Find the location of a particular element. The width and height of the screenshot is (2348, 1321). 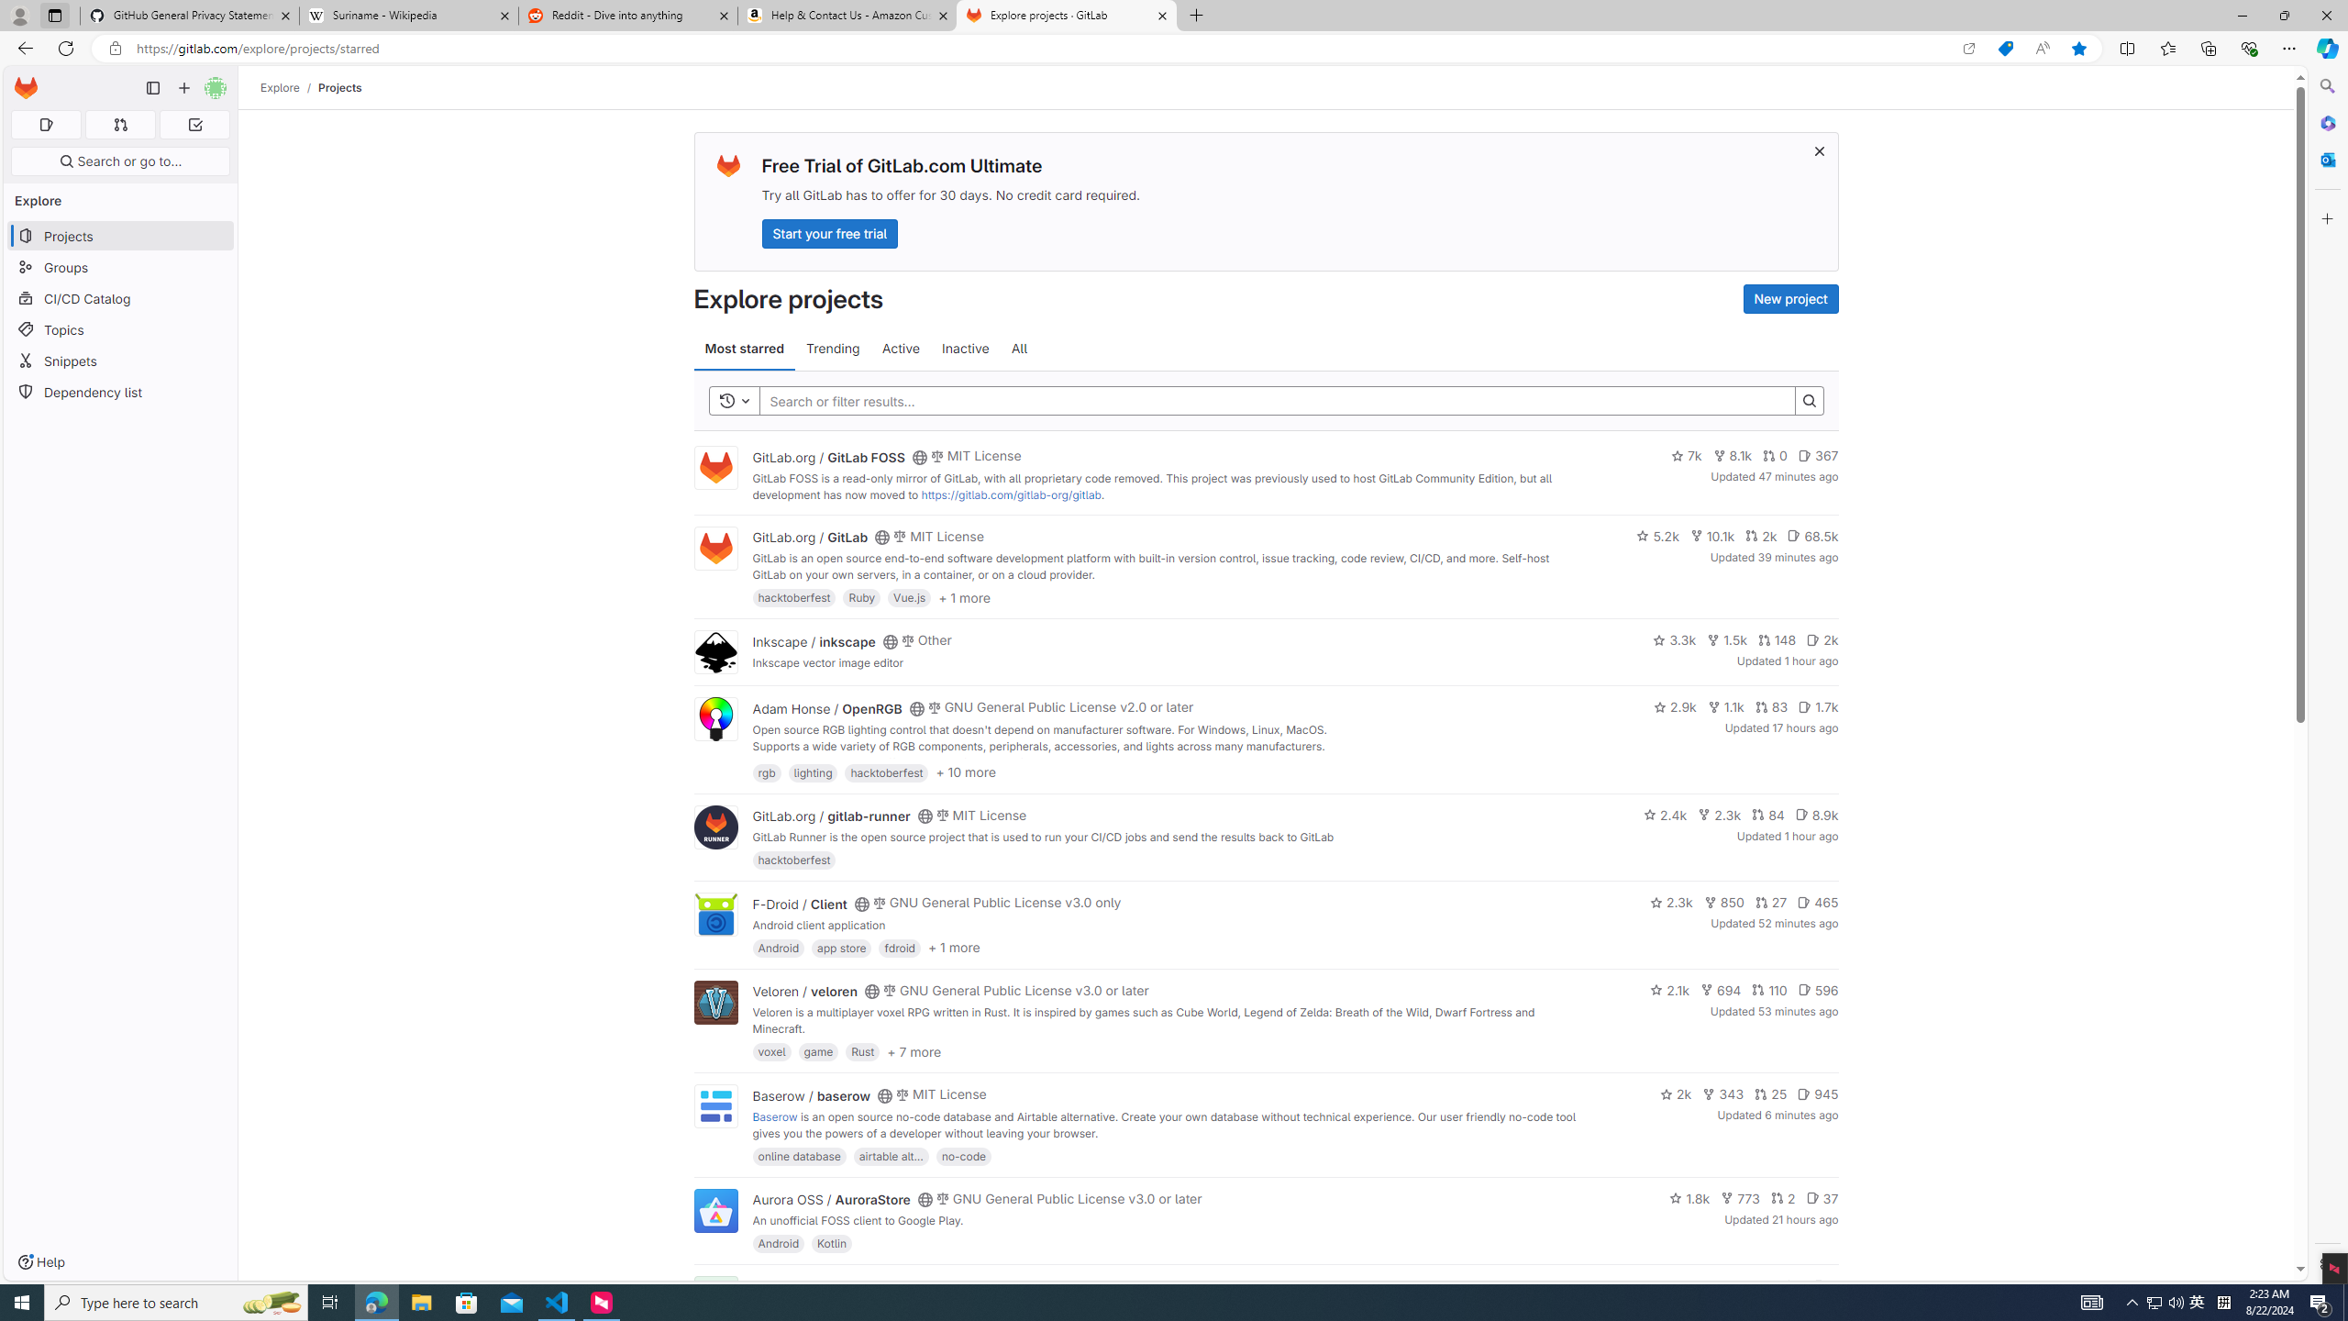

'Kotlin' is located at coordinates (831, 1243).